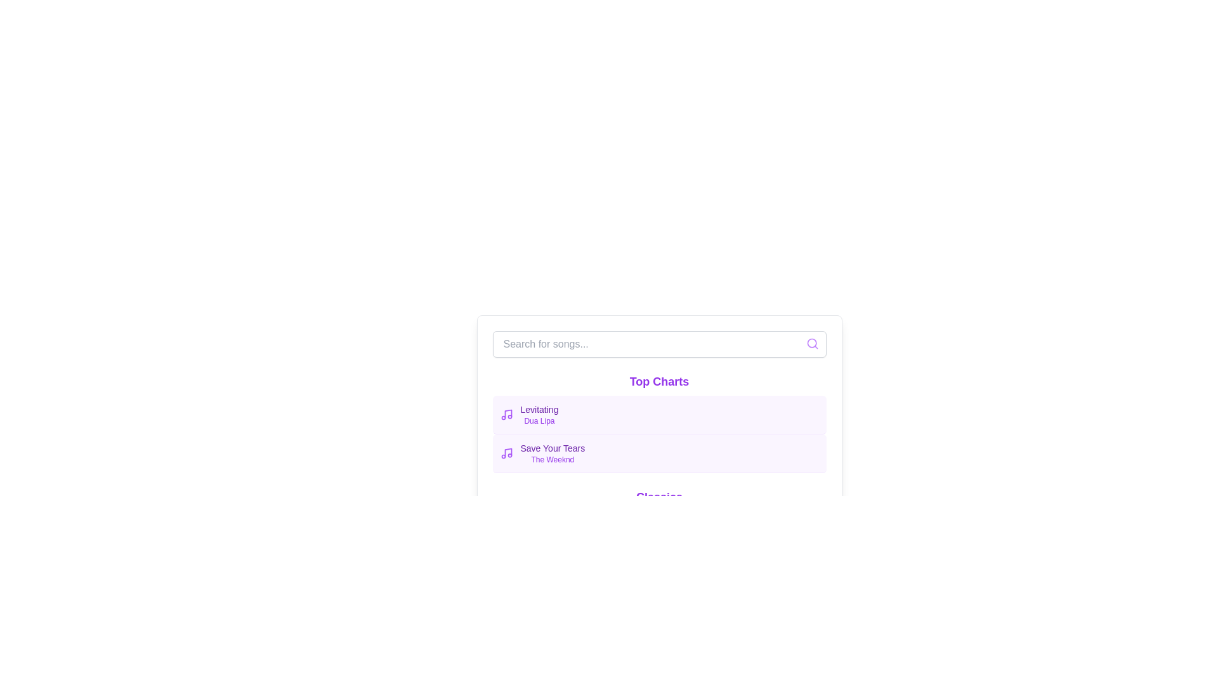 The width and height of the screenshot is (1218, 685). I want to click on the vertical line segment of the music note icon in the sidebar under 'Top Charts.', so click(508, 452).